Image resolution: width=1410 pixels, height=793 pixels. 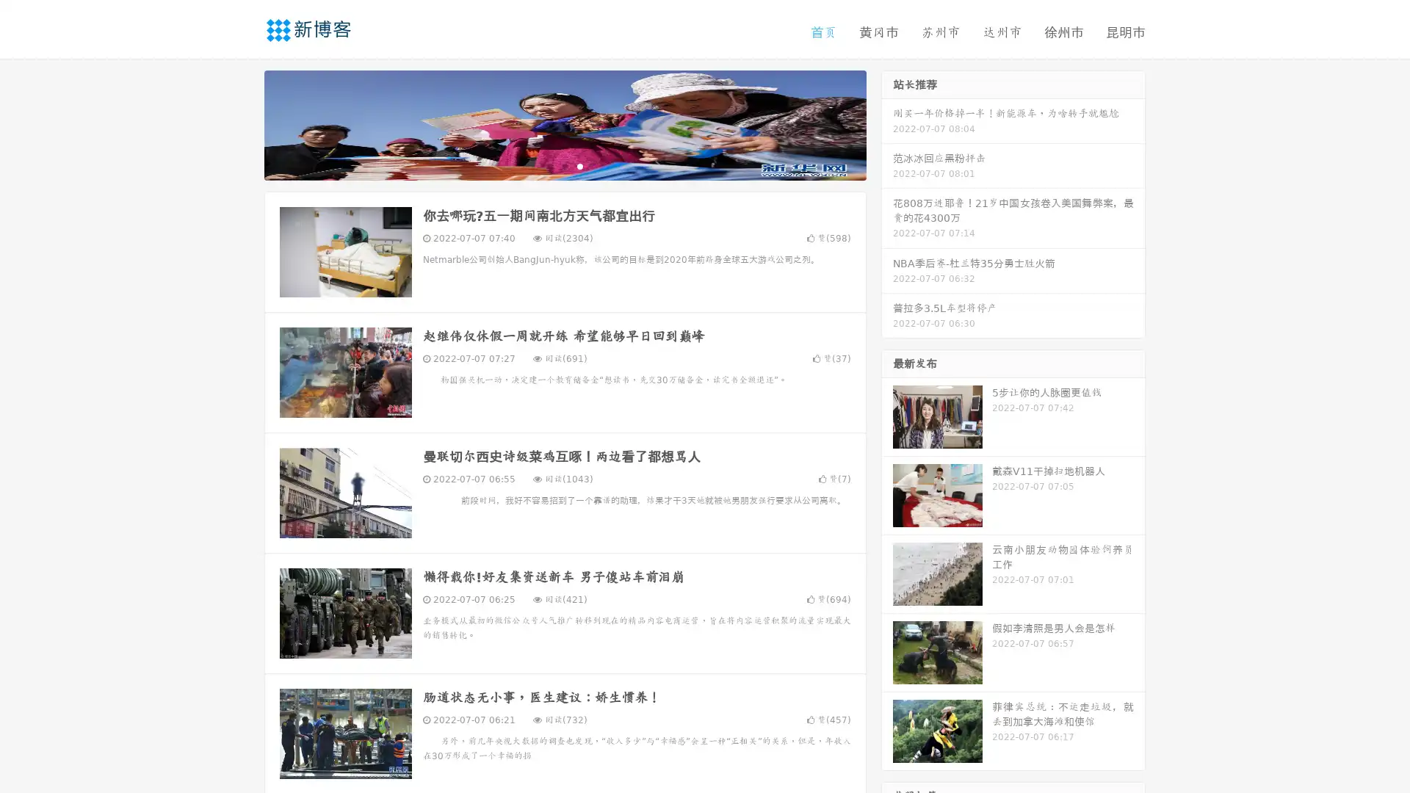 What do you see at coordinates (242, 123) in the screenshot?
I see `Previous slide` at bounding box center [242, 123].